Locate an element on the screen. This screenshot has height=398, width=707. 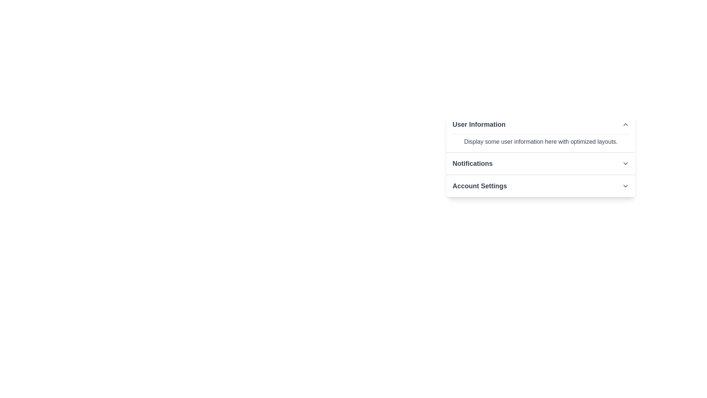
the downward-pointing chevron icon at the far-right end of the 'Account Settings' row is located at coordinates (625, 186).